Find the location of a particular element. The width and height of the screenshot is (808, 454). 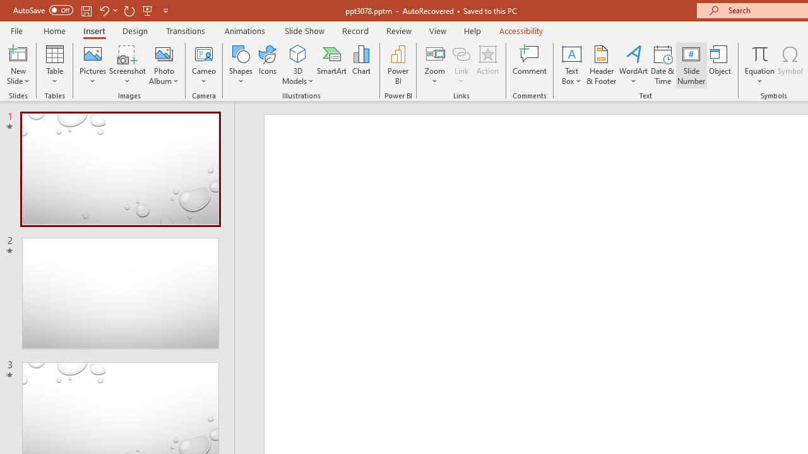

'Draw Horizontal Text Box' is located at coordinates (571, 53).